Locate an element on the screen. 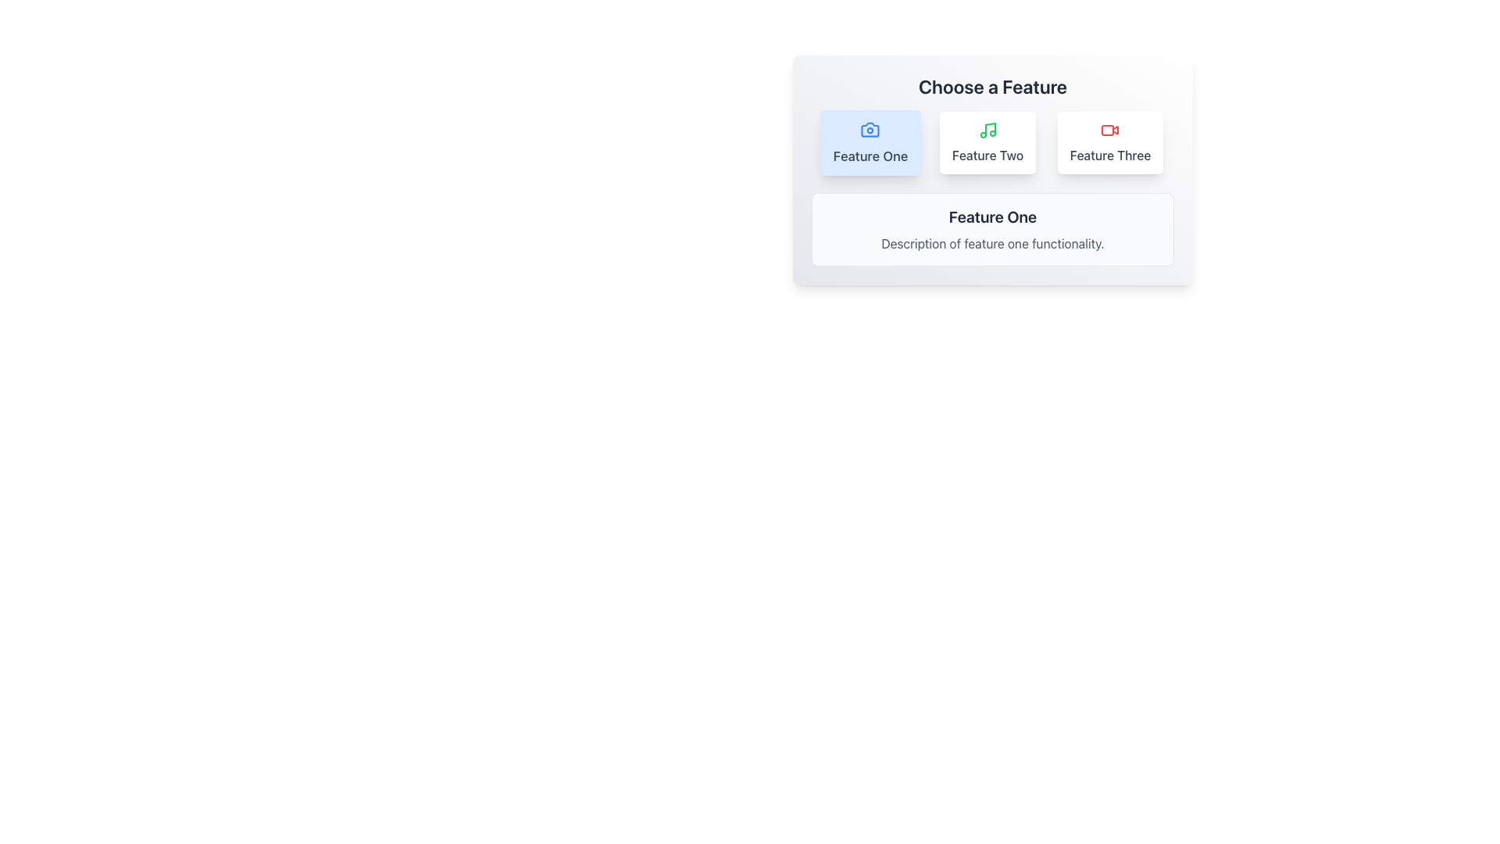 Image resolution: width=1500 pixels, height=844 pixels. outer outline of the stylized camera icon, which is part of the 'Feature One' button located in the center-left of the card interface, for debugging purposes is located at coordinates (870, 129).